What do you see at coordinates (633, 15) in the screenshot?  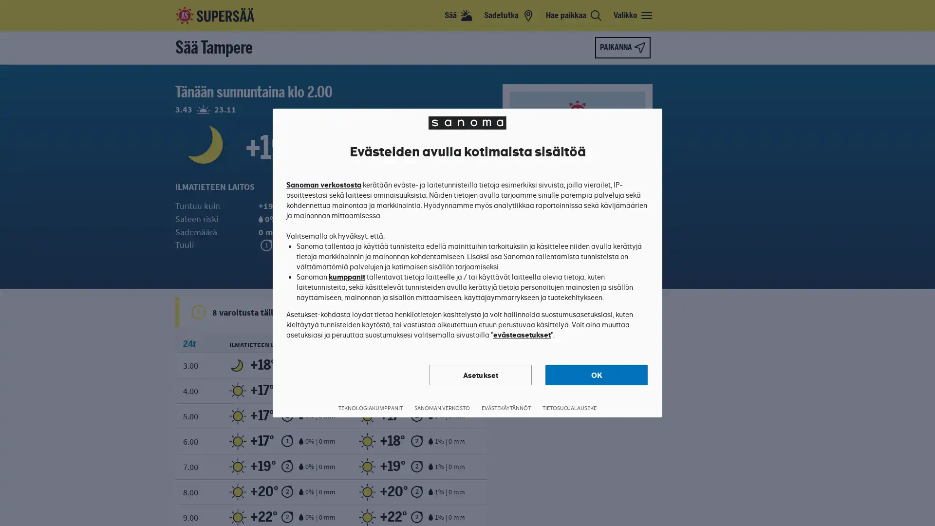 I see `Valikko` at bounding box center [633, 15].